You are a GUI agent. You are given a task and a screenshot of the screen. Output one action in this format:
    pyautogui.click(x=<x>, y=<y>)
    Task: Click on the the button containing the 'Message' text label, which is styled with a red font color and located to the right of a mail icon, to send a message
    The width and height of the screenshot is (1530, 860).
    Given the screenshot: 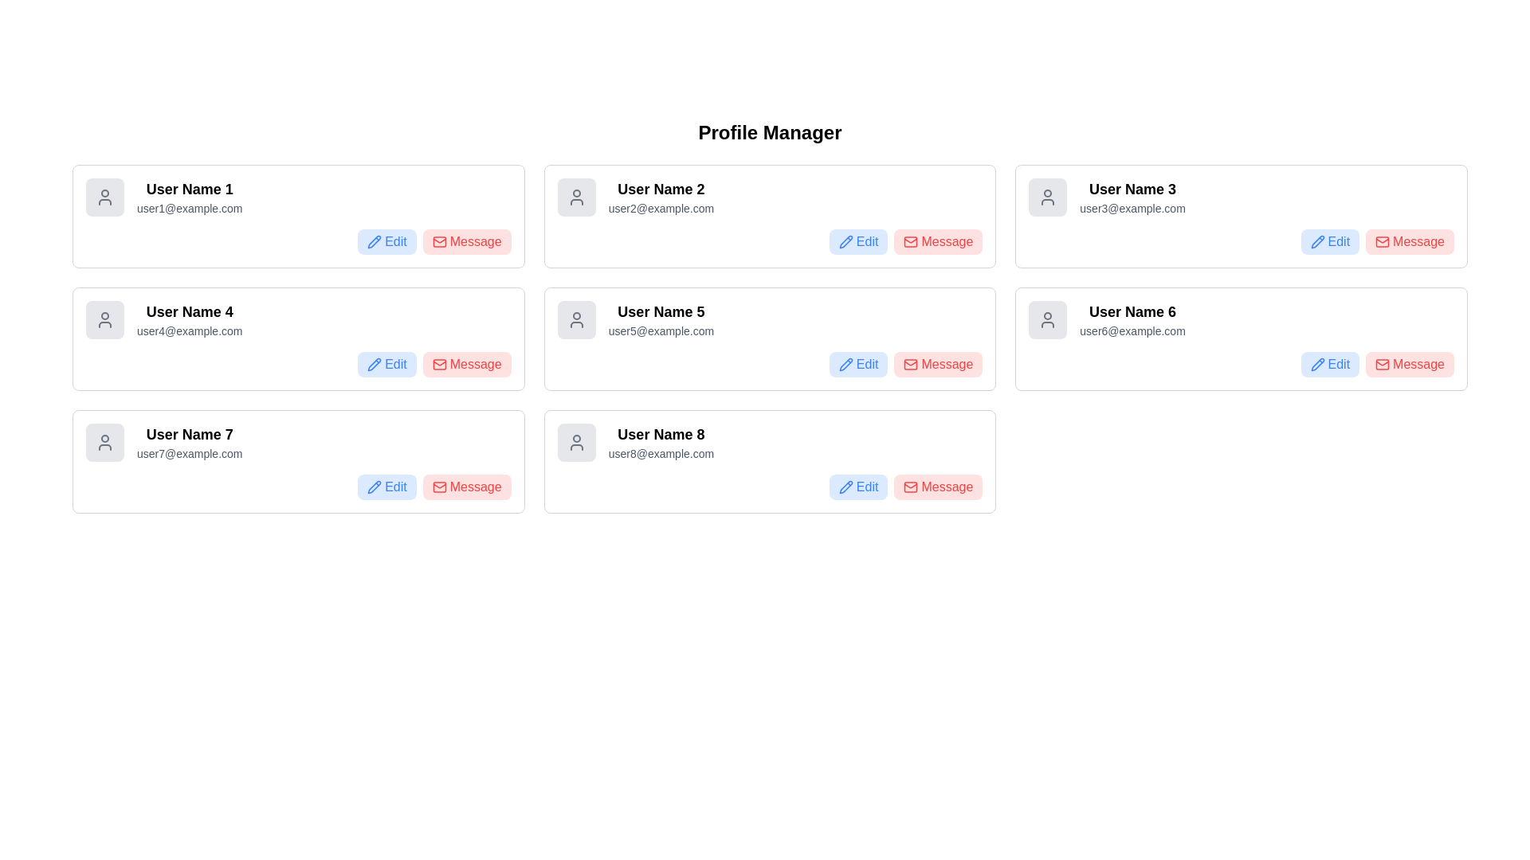 What is the action you would take?
    pyautogui.click(x=947, y=487)
    